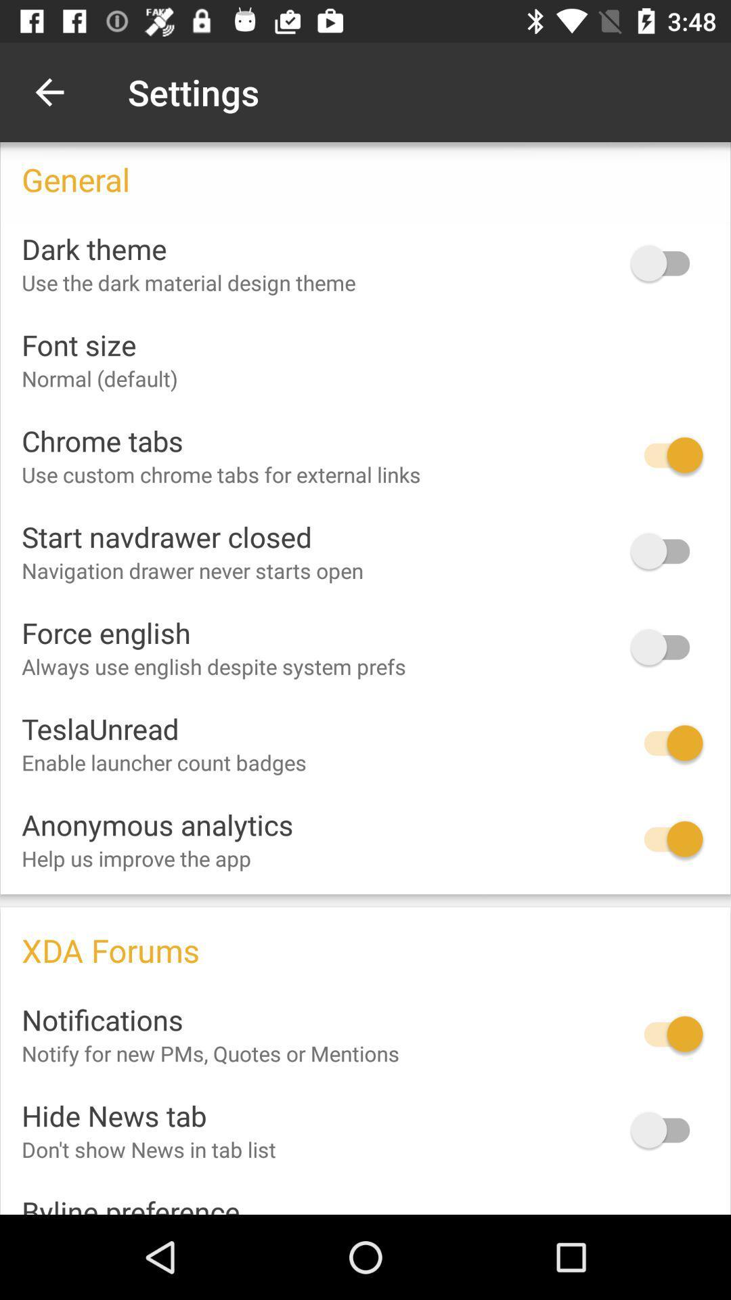 The width and height of the screenshot is (731, 1300). What do you see at coordinates (666, 838) in the screenshot?
I see `item to the right of anonymous analytics item` at bounding box center [666, 838].